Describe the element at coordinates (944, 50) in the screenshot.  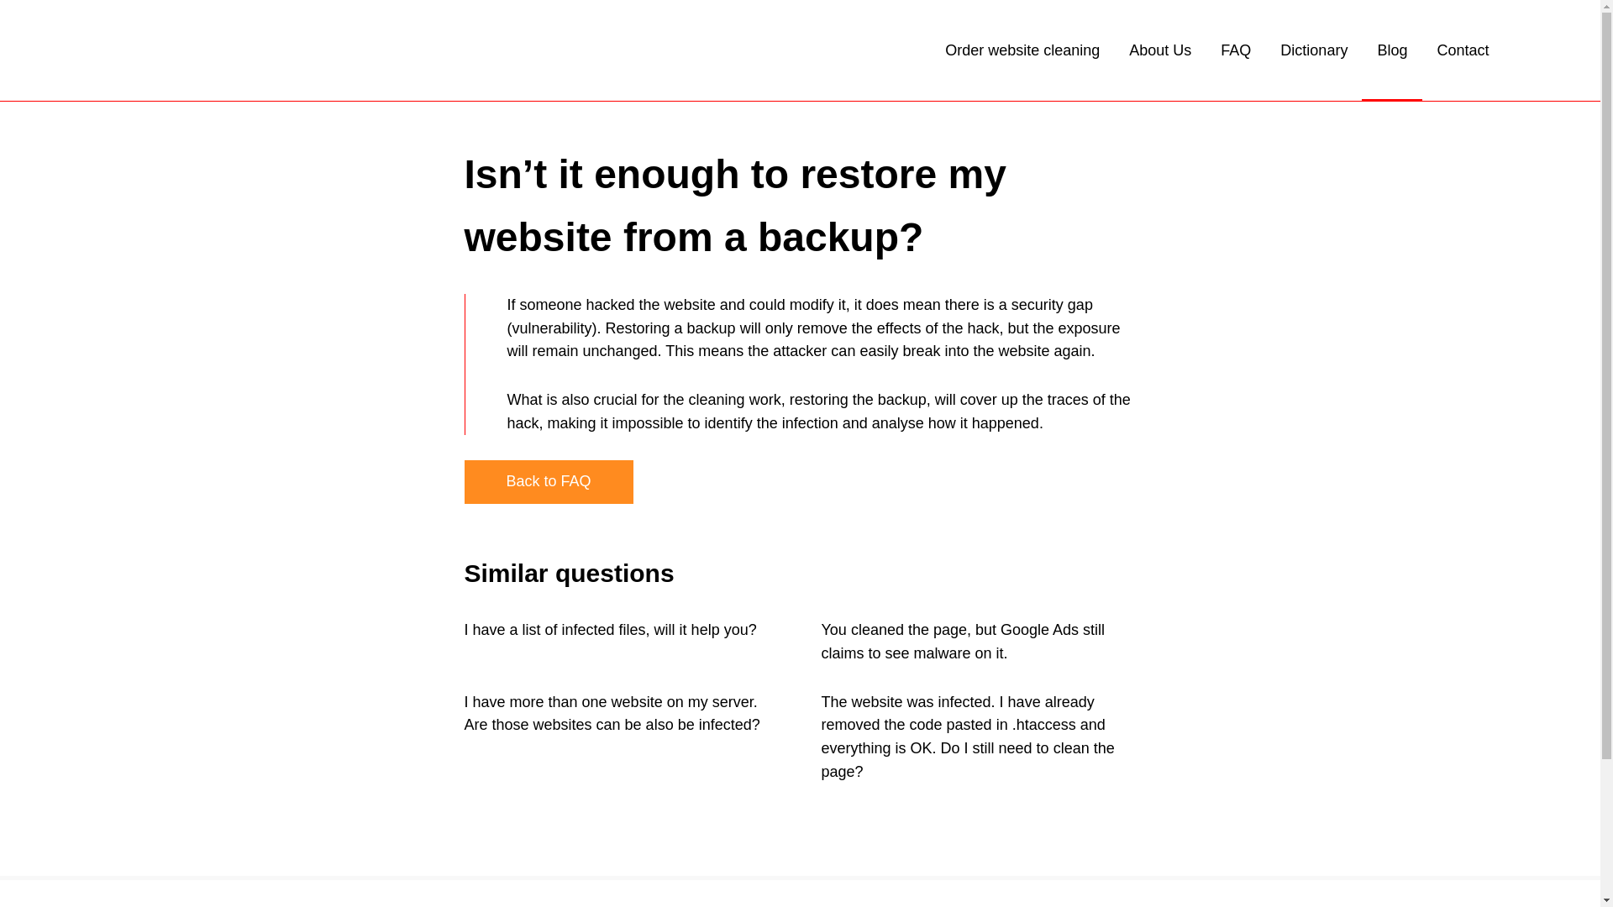
I see `'Order website cleaning'` at that location.